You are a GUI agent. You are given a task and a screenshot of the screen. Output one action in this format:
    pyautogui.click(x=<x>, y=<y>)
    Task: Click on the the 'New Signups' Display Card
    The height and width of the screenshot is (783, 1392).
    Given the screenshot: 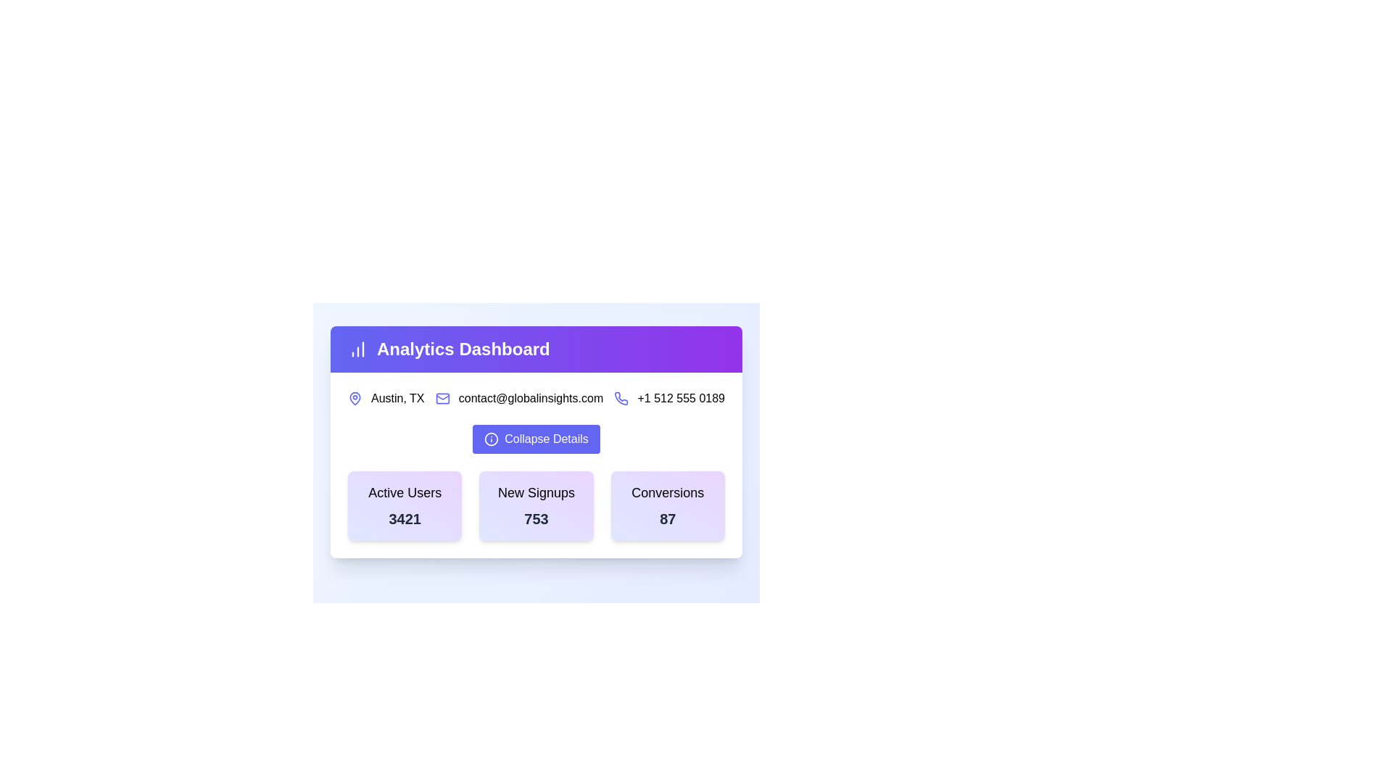 What is the action you would take?
    pyautogui.click(x=535, y=505)
    